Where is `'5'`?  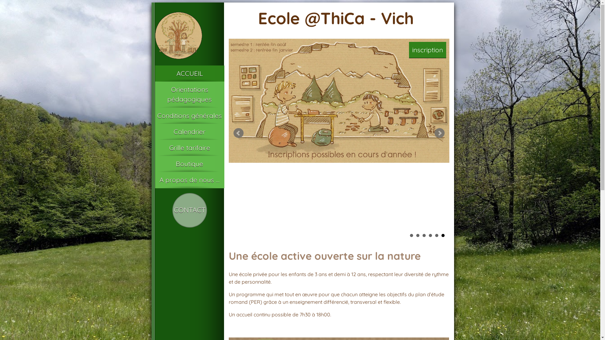
'5' is located at coordinates (436, 235).